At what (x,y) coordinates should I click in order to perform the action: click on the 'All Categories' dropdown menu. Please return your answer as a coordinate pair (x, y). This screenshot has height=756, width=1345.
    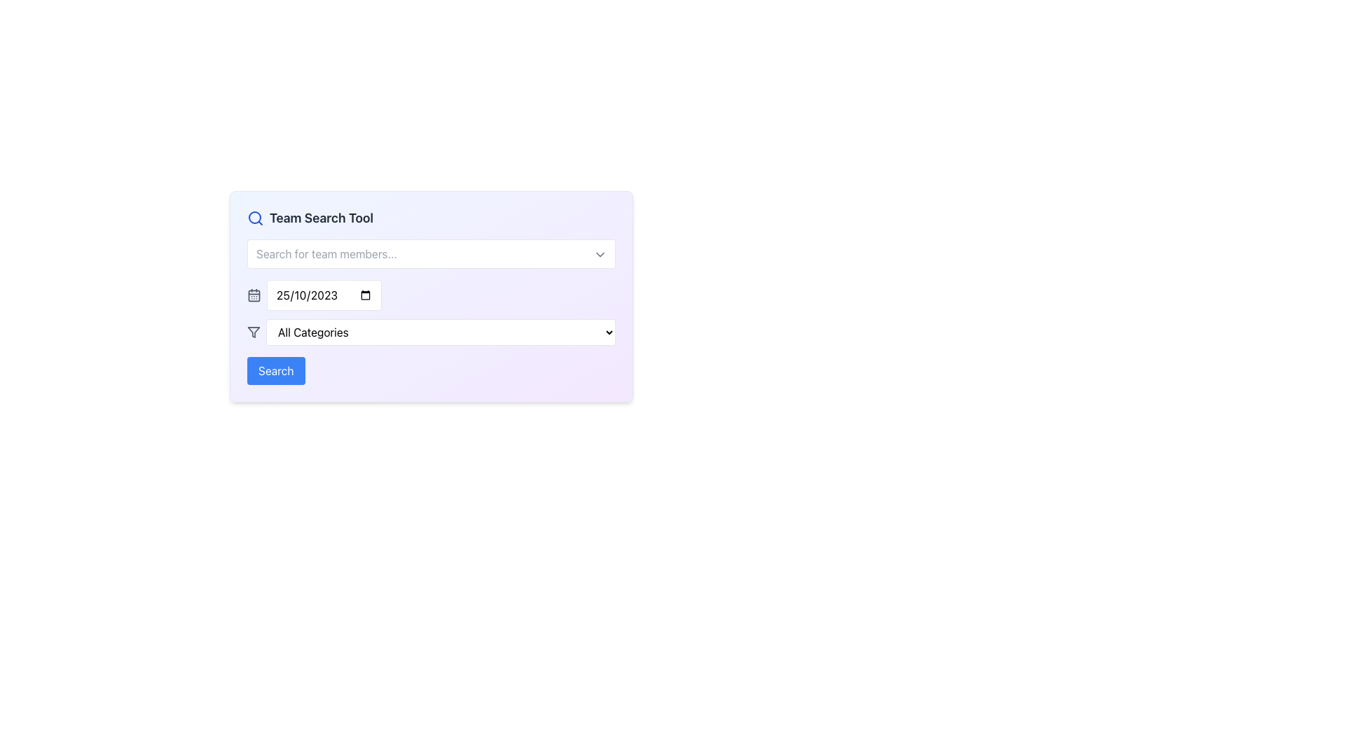
    Looking at the image, I should click on (440, 332).